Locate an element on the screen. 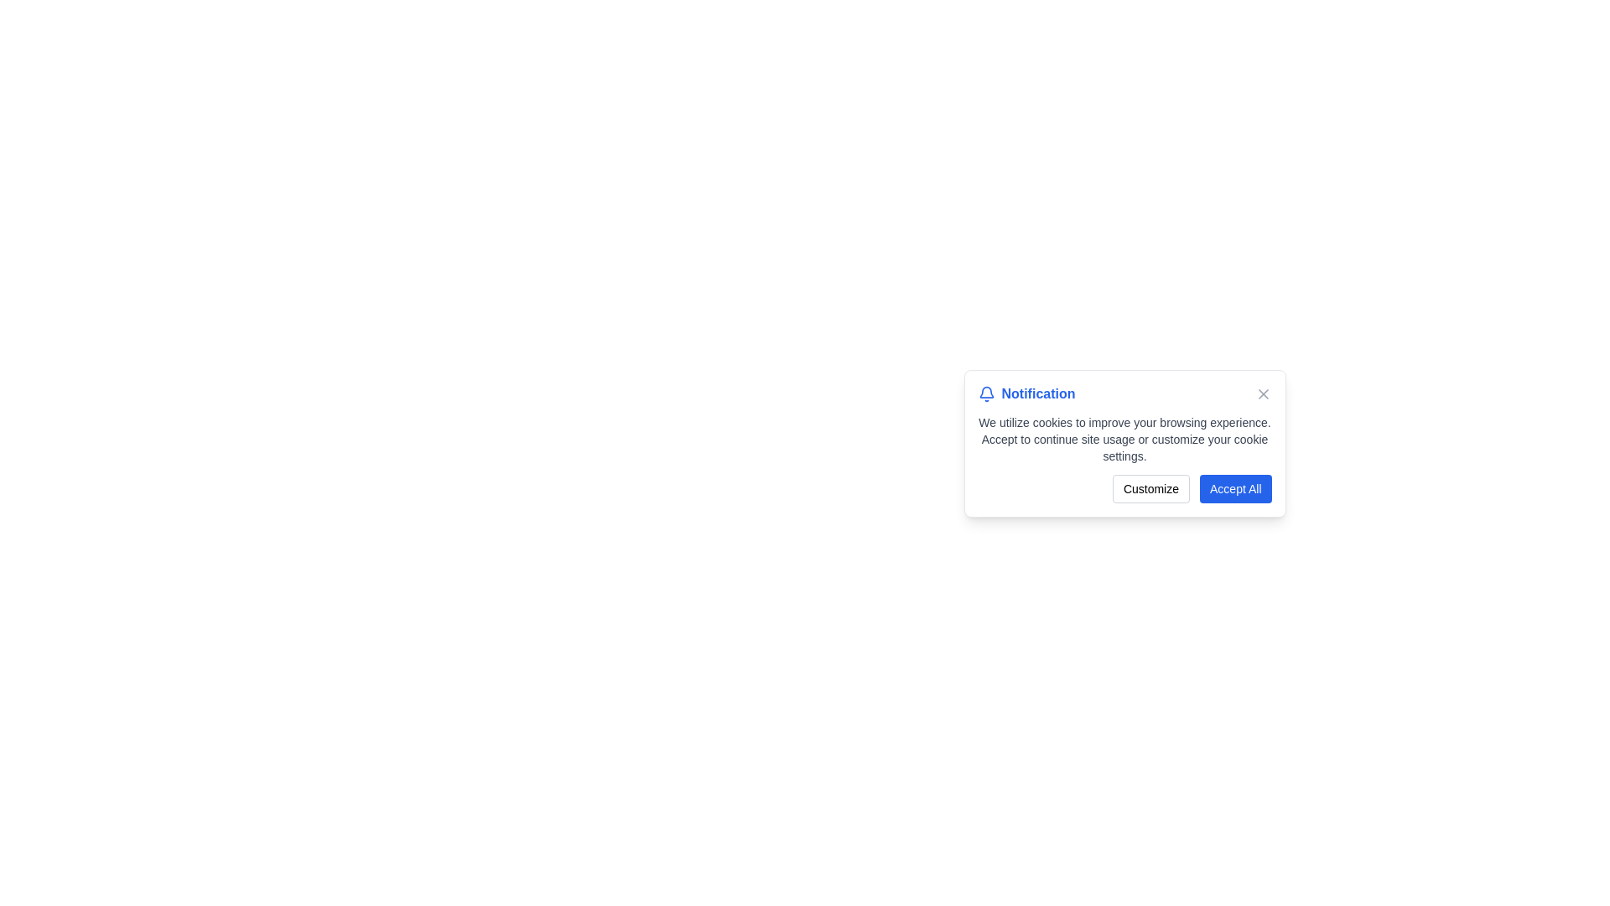 Image resolution: width=1610 pixels, height=906 pixels. the 'Accept All' button located at the bottom-right corner of the notification modal is located at coordinates (1235, 488).